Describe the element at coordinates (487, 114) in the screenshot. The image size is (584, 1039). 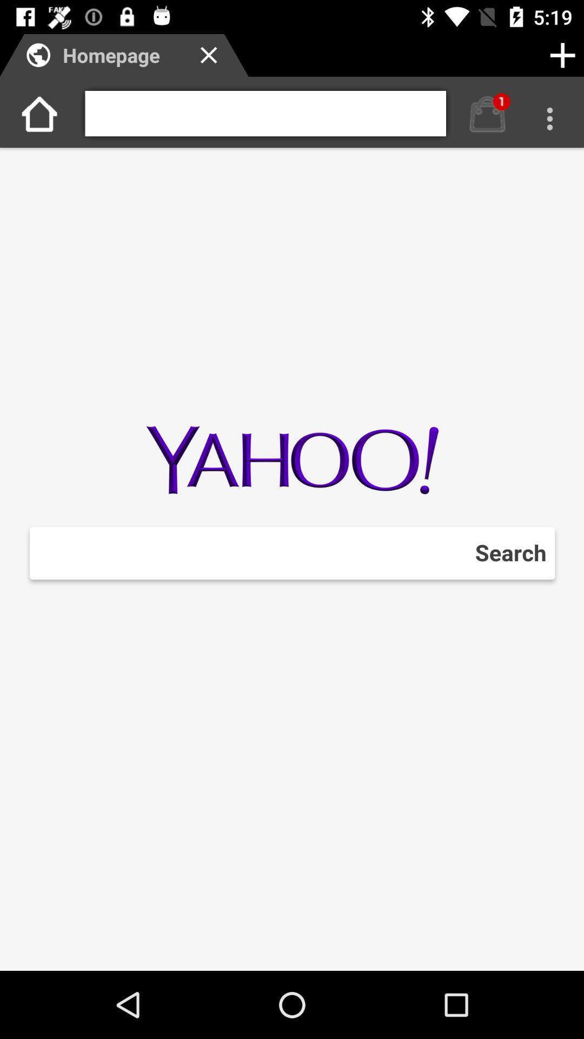
I see `home page button` at that location.